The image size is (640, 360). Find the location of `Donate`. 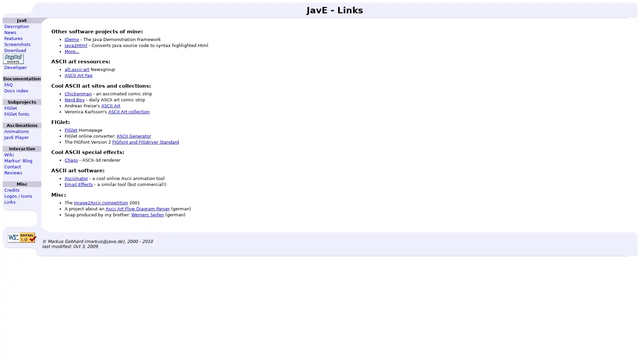

Donate is located at coordinates (13, 58).